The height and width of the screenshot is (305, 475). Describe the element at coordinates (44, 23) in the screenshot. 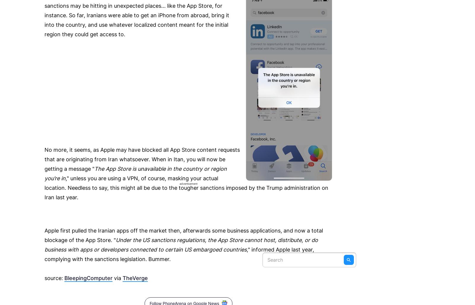

I see `'Reprint & Permissions'` at that location.